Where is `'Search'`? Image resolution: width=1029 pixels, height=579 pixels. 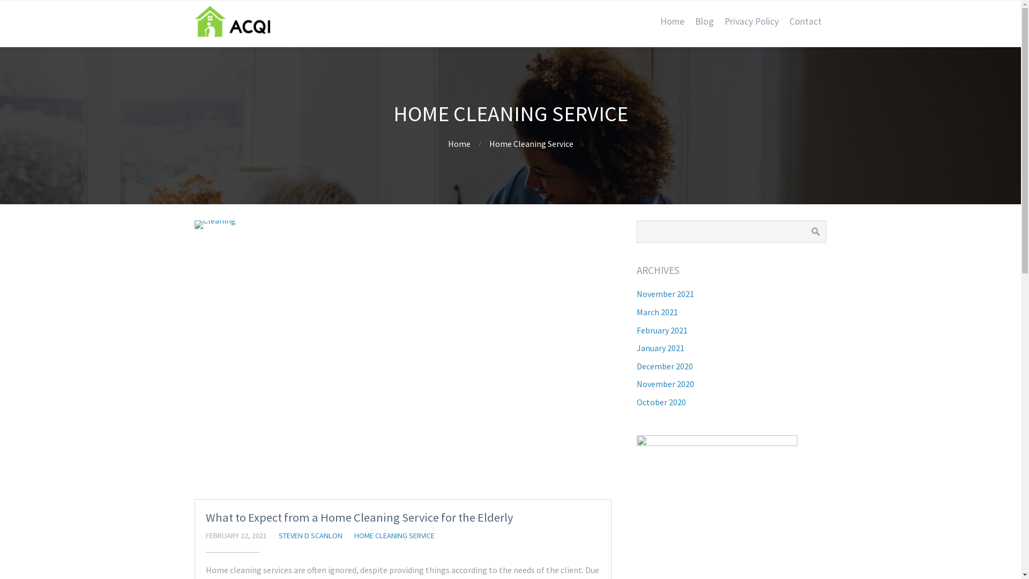
'Search' is located at coordinates (815, 231).